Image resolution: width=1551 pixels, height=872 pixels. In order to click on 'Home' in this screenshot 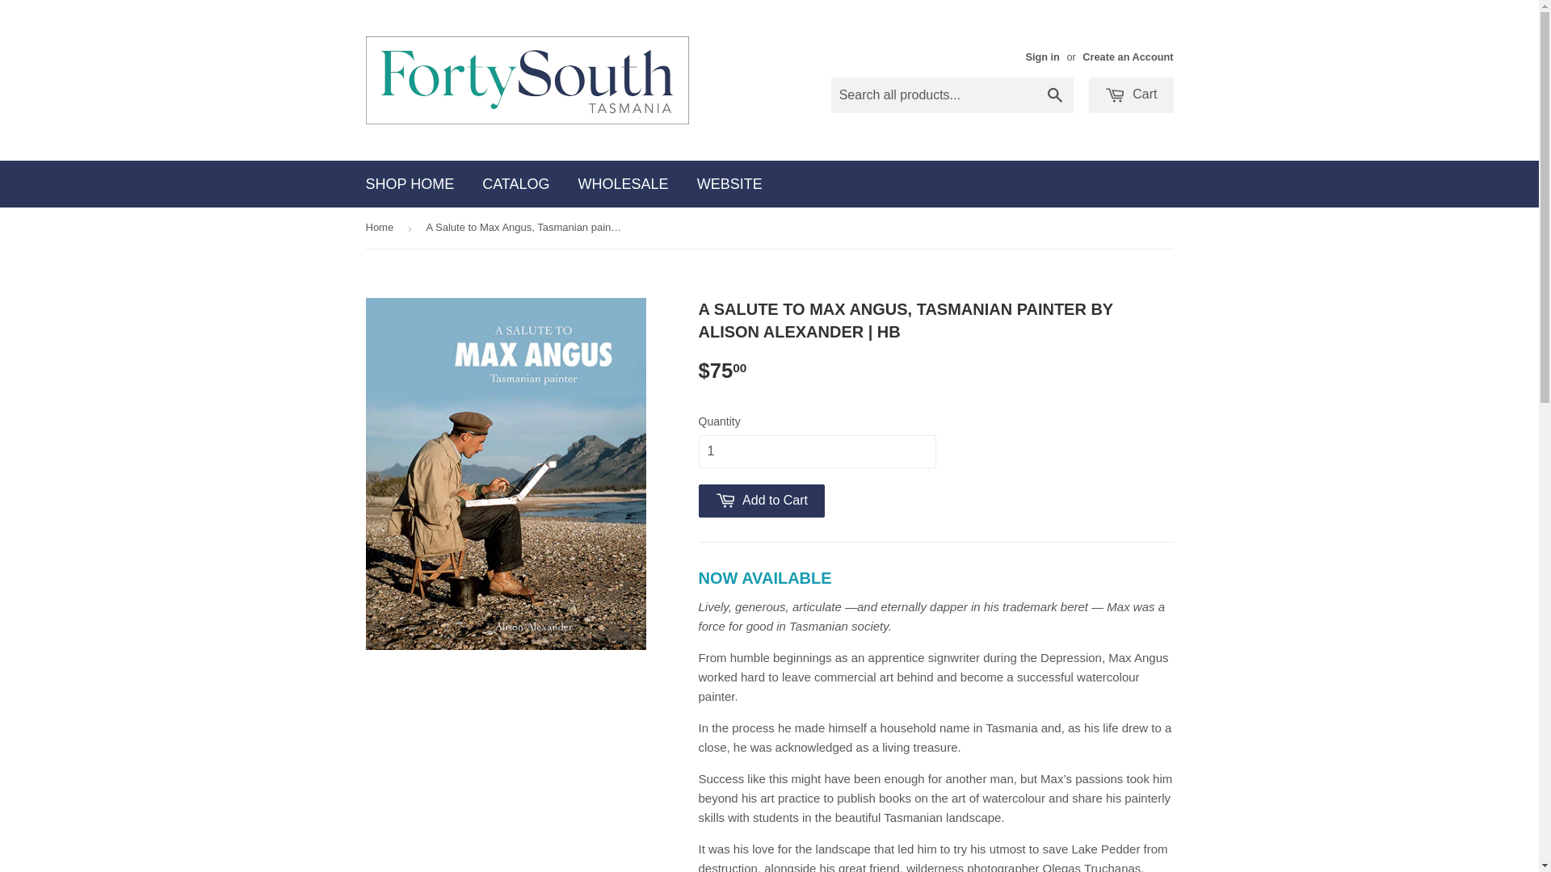, I will do `click(381, 228)`.